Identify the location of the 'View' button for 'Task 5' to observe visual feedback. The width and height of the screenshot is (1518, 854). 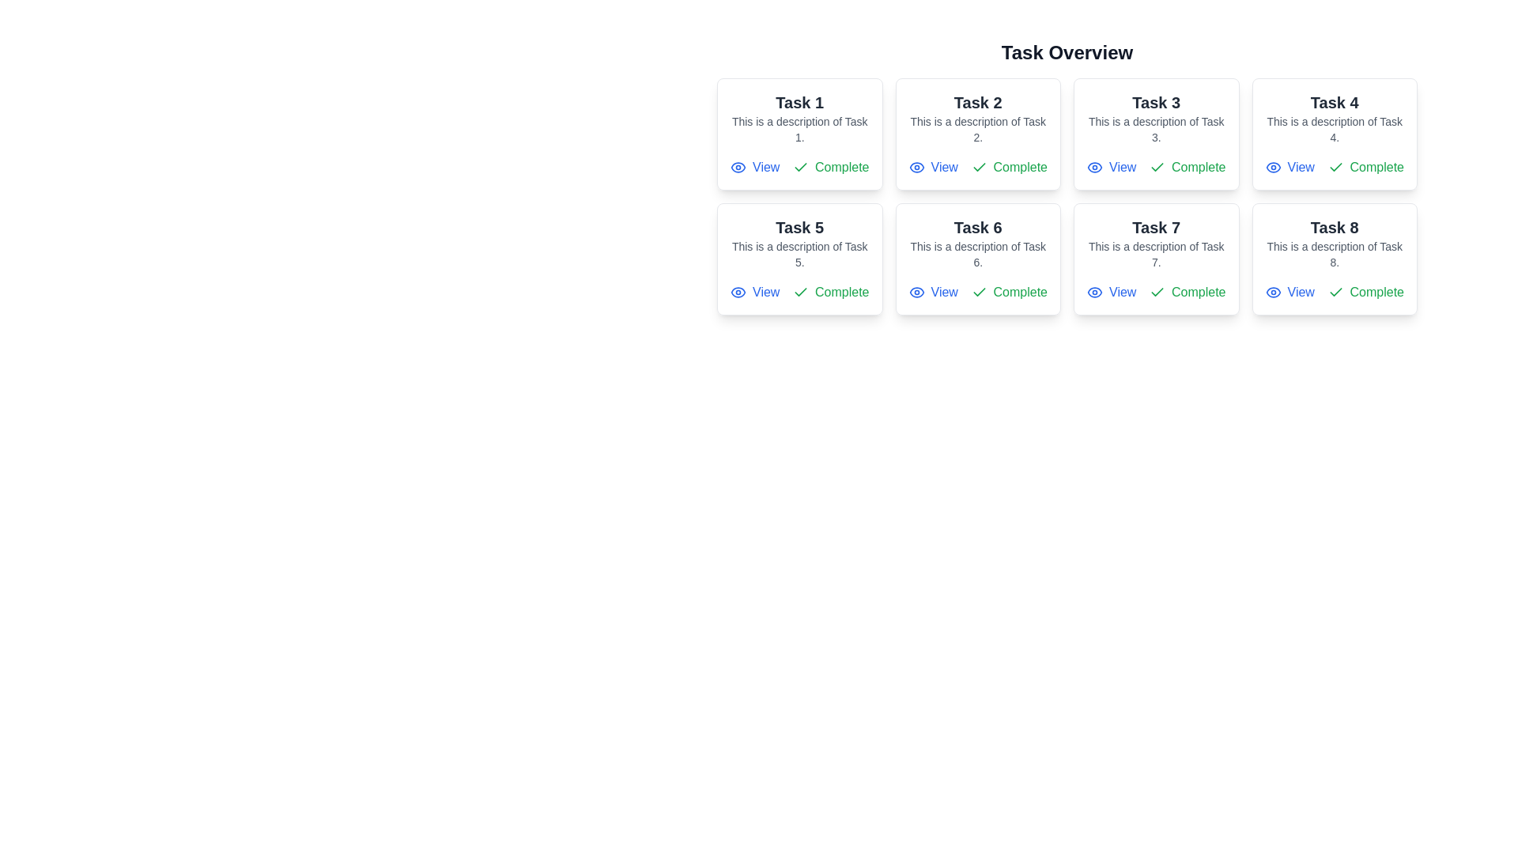
(754, 293).